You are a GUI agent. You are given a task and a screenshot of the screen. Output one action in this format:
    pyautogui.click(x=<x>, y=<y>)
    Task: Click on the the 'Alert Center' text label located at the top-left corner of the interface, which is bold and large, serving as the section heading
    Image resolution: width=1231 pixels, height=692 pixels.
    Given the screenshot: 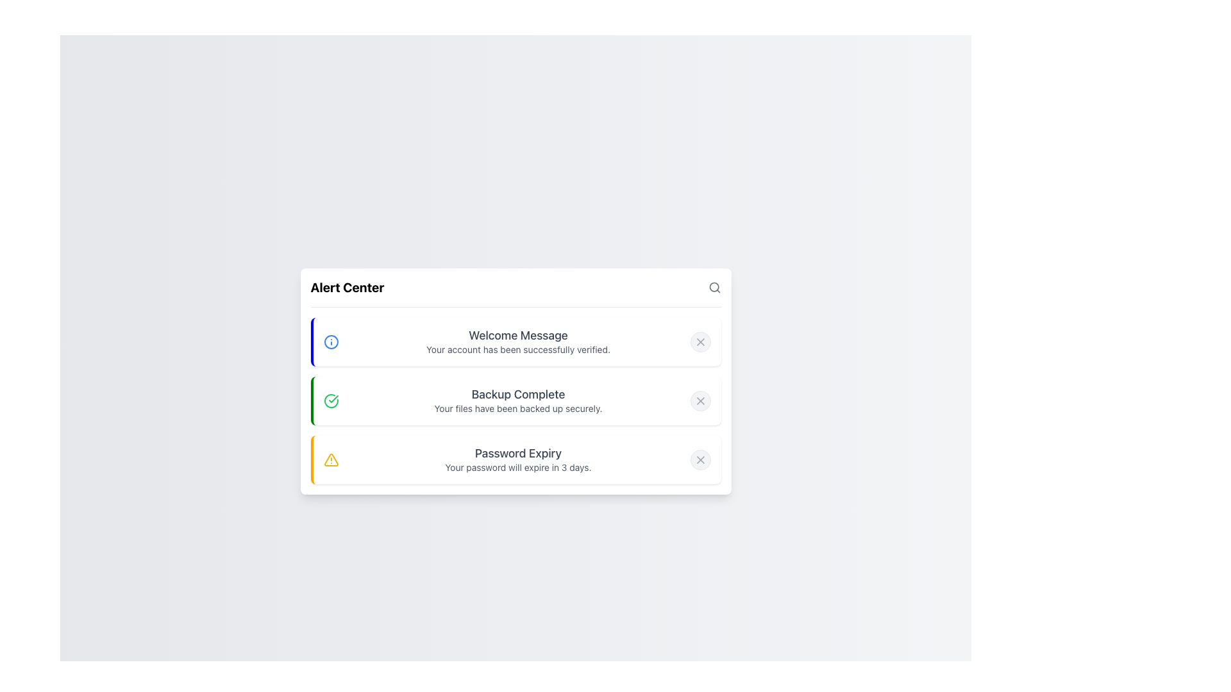 What is the action you would take?
    pyautogui.click(x=348, y=286)
    